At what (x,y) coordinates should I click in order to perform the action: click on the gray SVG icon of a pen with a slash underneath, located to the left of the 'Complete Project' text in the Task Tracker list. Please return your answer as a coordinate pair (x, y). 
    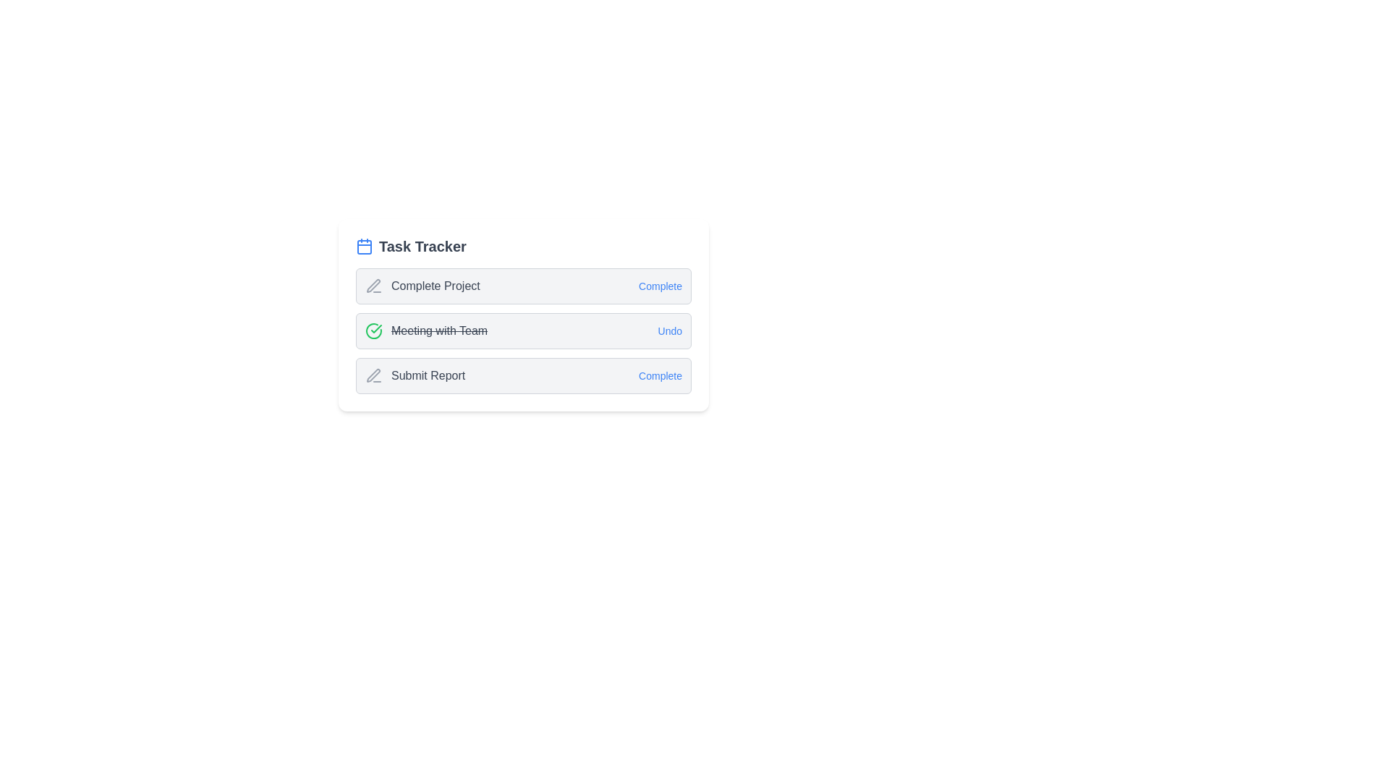
    Looking at the image, I should click on (374, 286).